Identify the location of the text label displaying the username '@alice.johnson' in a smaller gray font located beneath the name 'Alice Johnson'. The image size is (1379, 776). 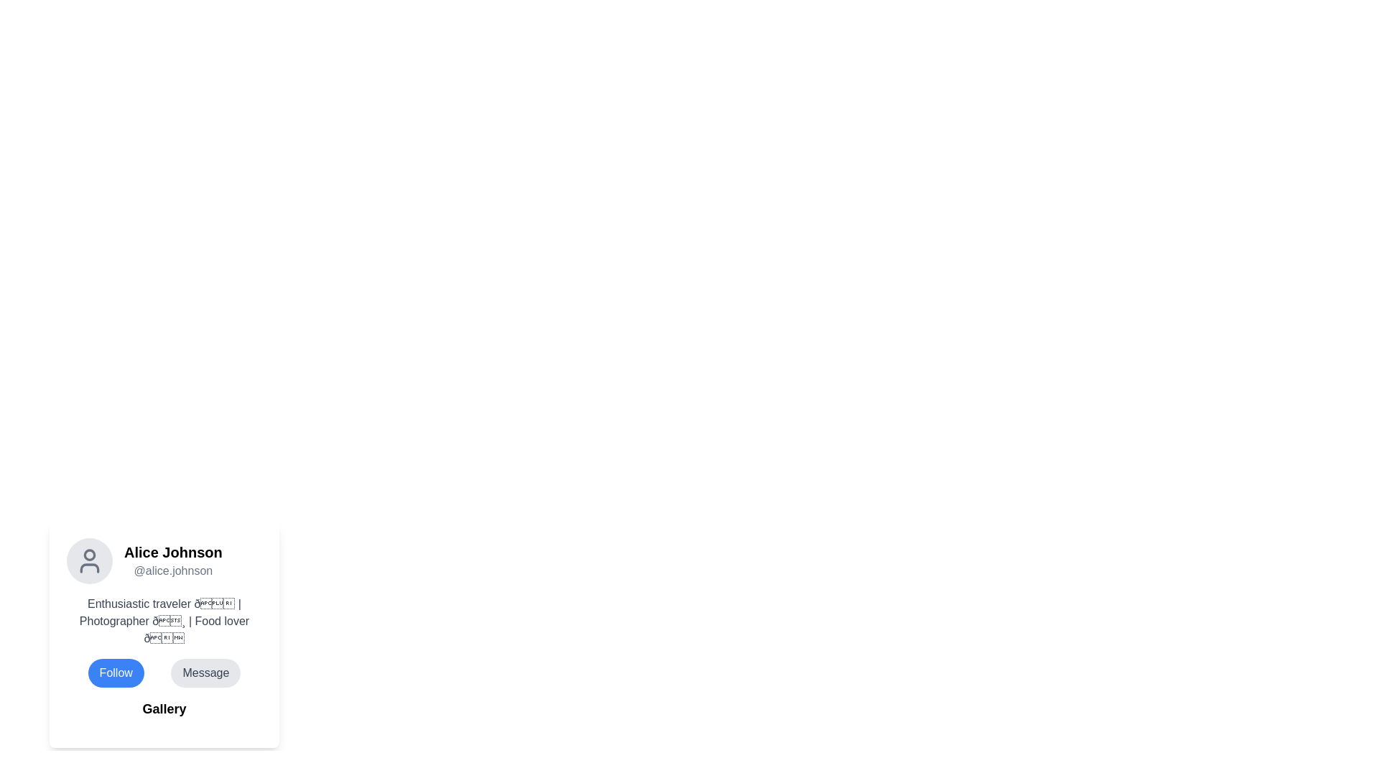
(172, 570).